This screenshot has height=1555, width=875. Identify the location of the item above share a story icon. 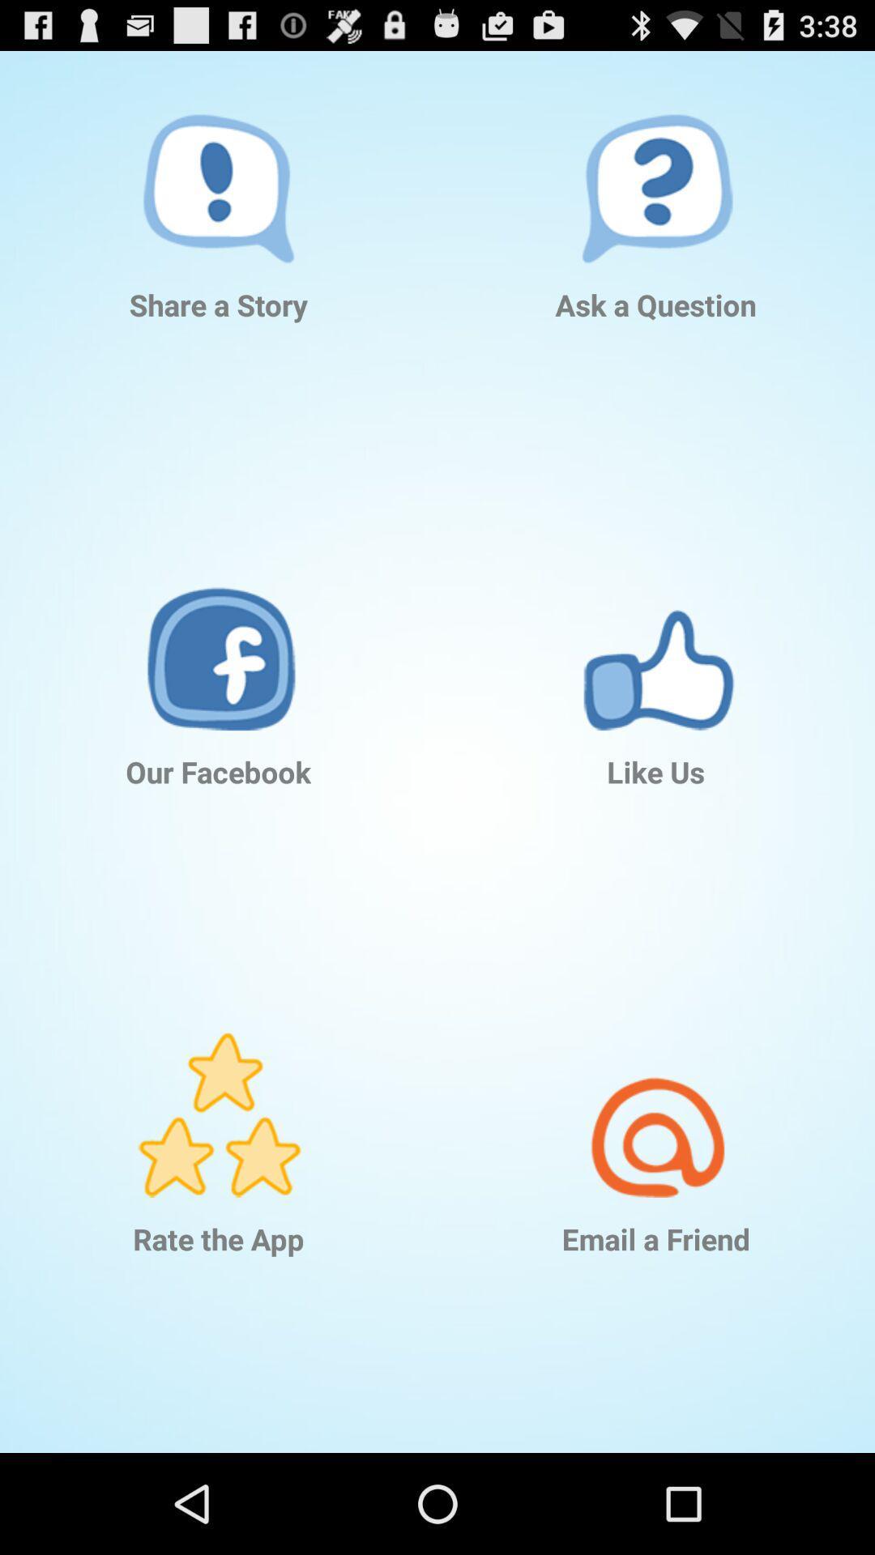
(219, 157).